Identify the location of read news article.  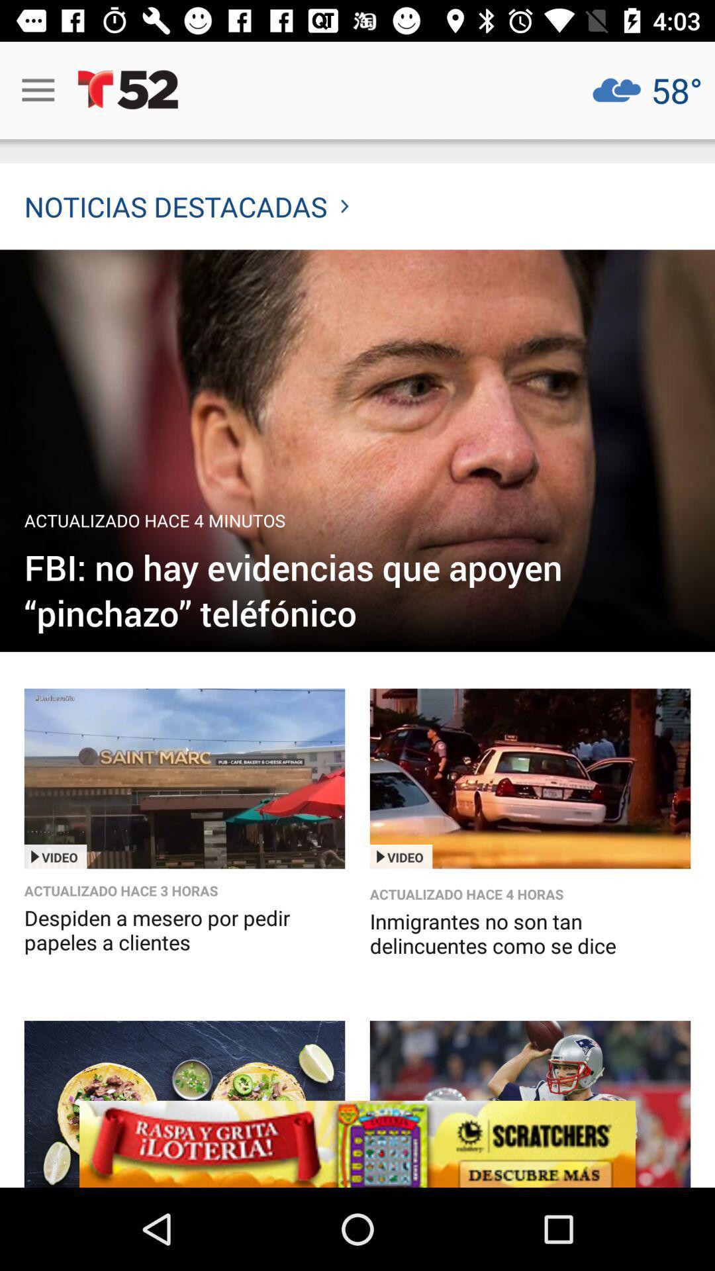
(358, 451).